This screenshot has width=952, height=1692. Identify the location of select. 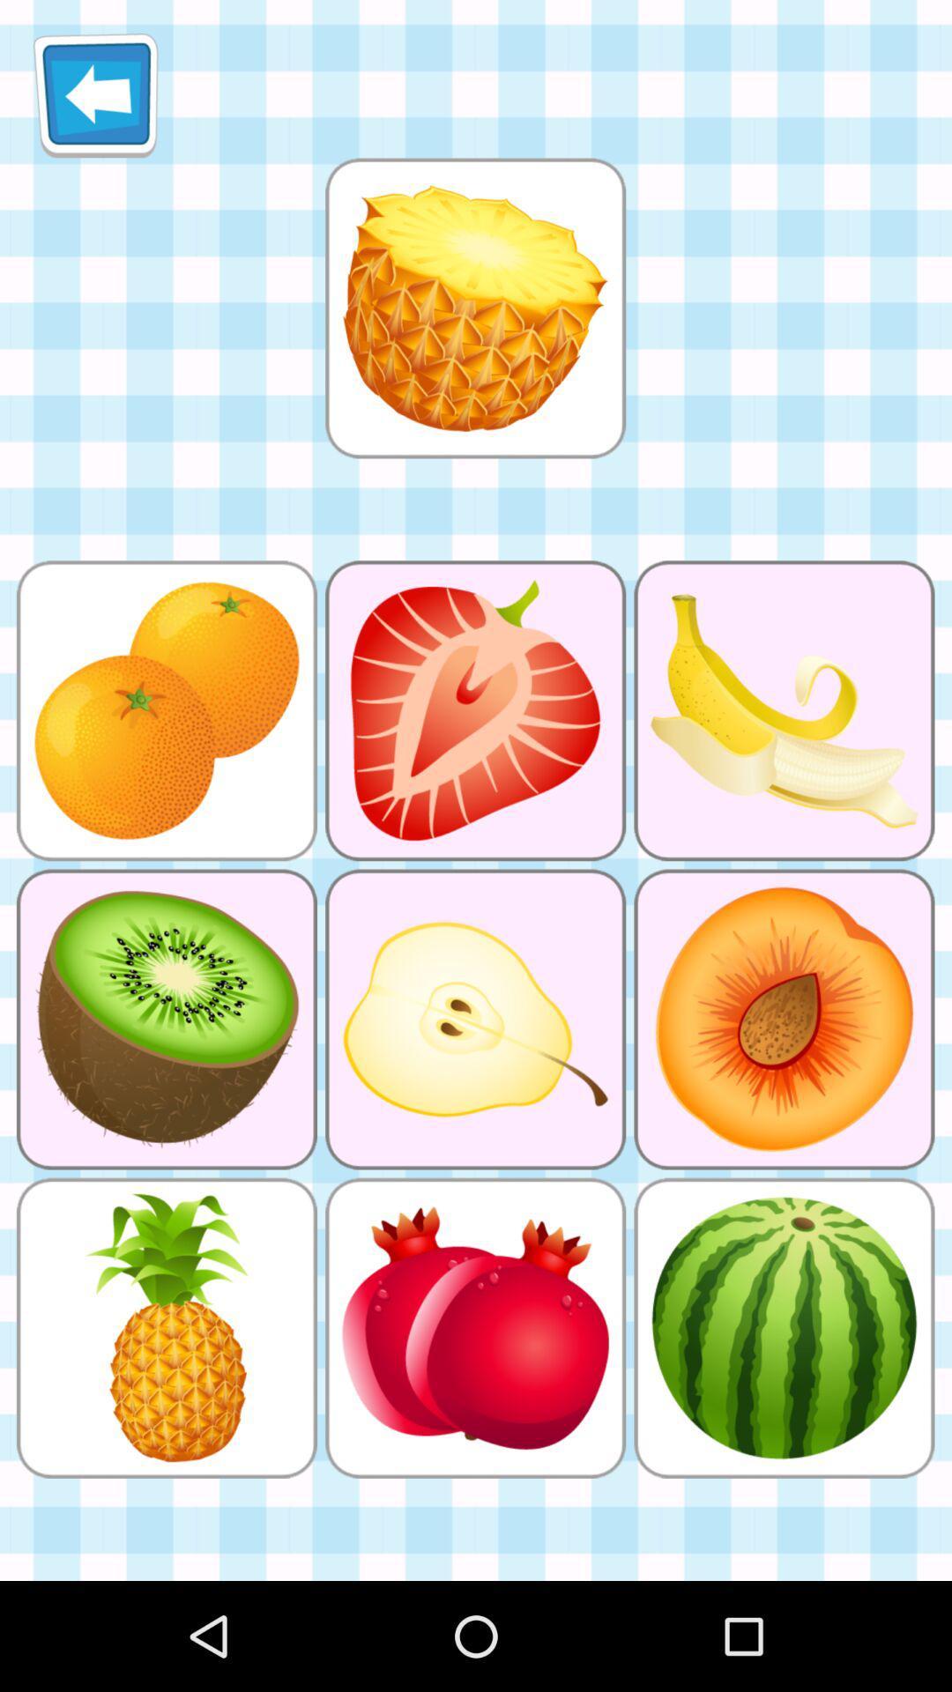
(474, 308).